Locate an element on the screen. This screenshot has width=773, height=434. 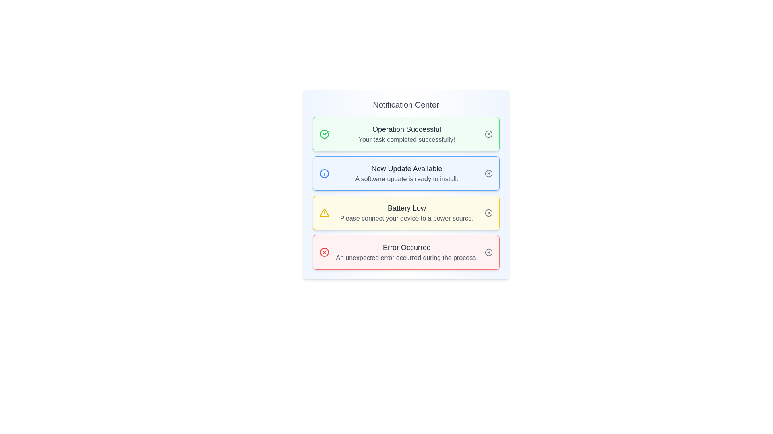
text label displaying 'New Update Available' which is styled with a bold medium font and is located at the top center of the notification card is located at coordinates (407, 168).